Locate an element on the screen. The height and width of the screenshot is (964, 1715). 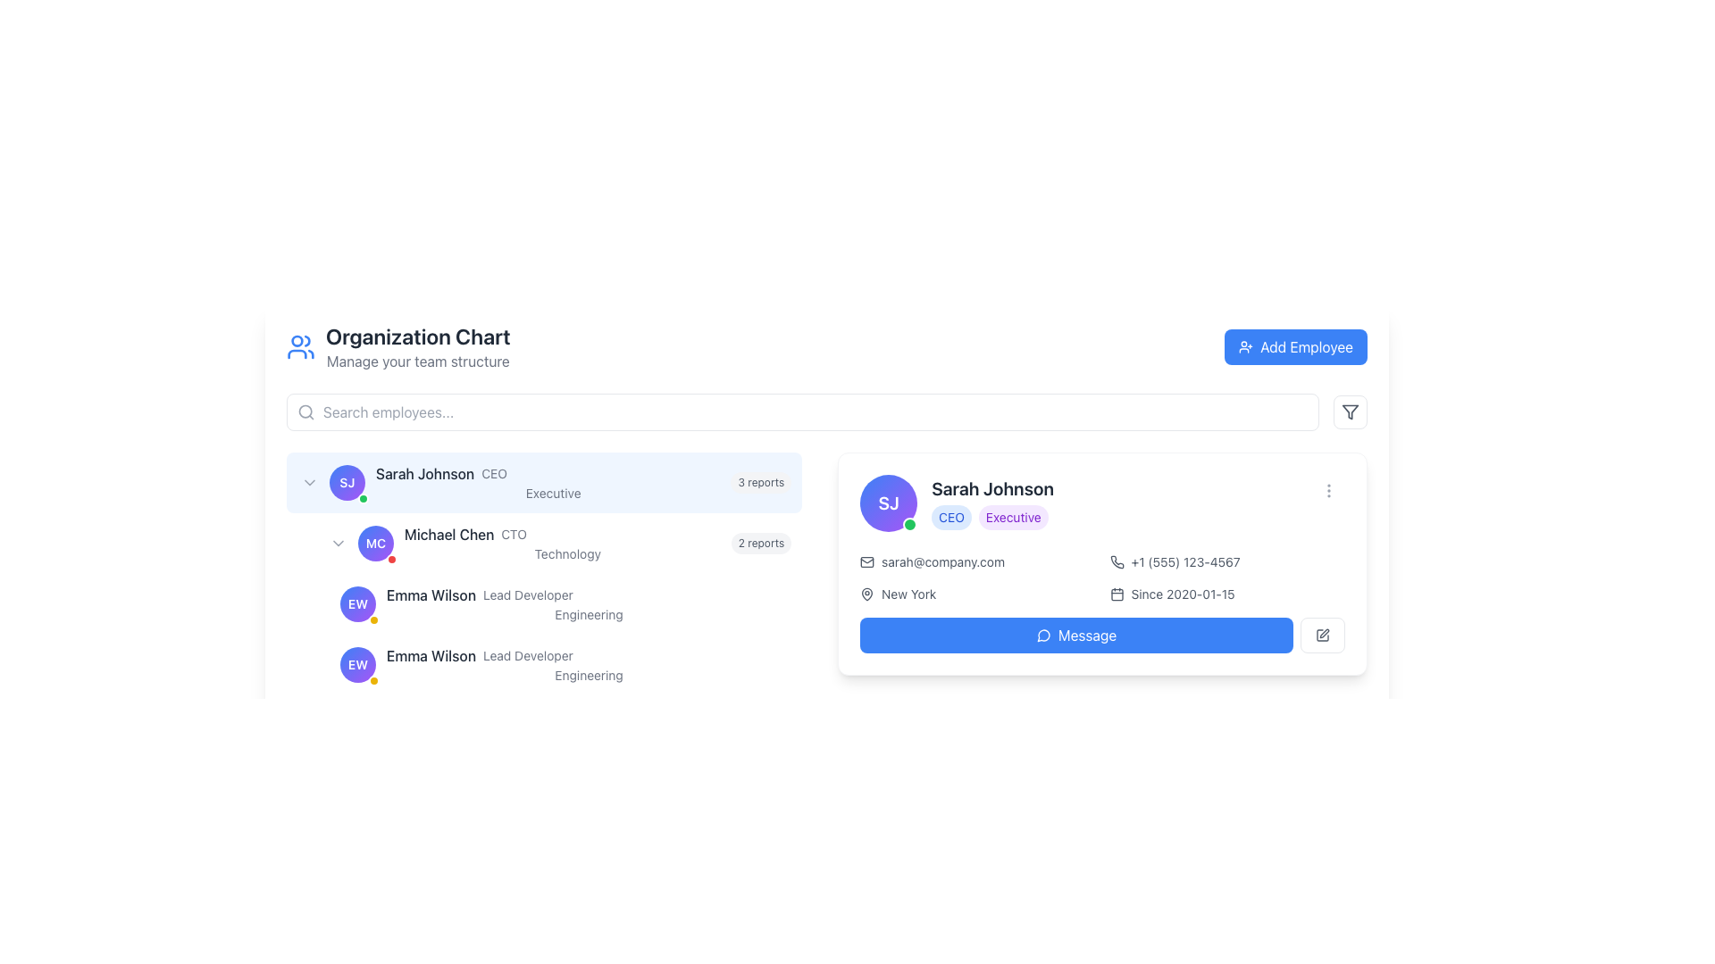
the small, downward-facing chevron arrow button located to the left of the profile picture marked 'MC' in the Michael Chen section is located at coordinates (339, 543).